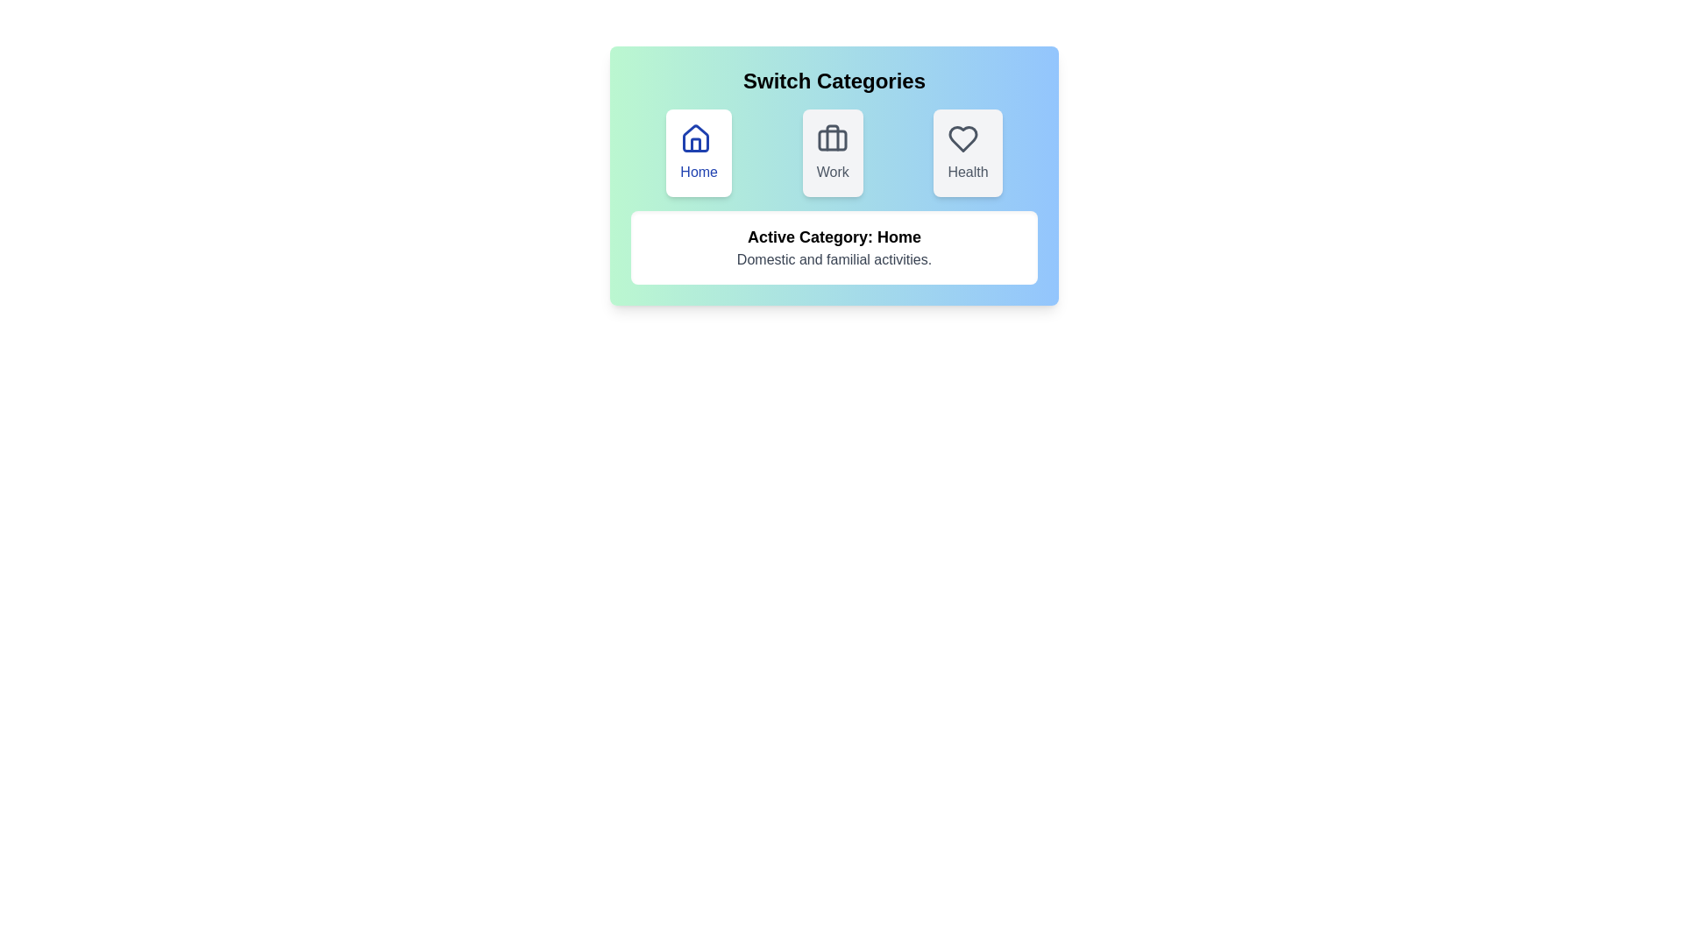 The image size is (1683, 946). I want to click on the category button corresponding to Home, so click(698, 152).